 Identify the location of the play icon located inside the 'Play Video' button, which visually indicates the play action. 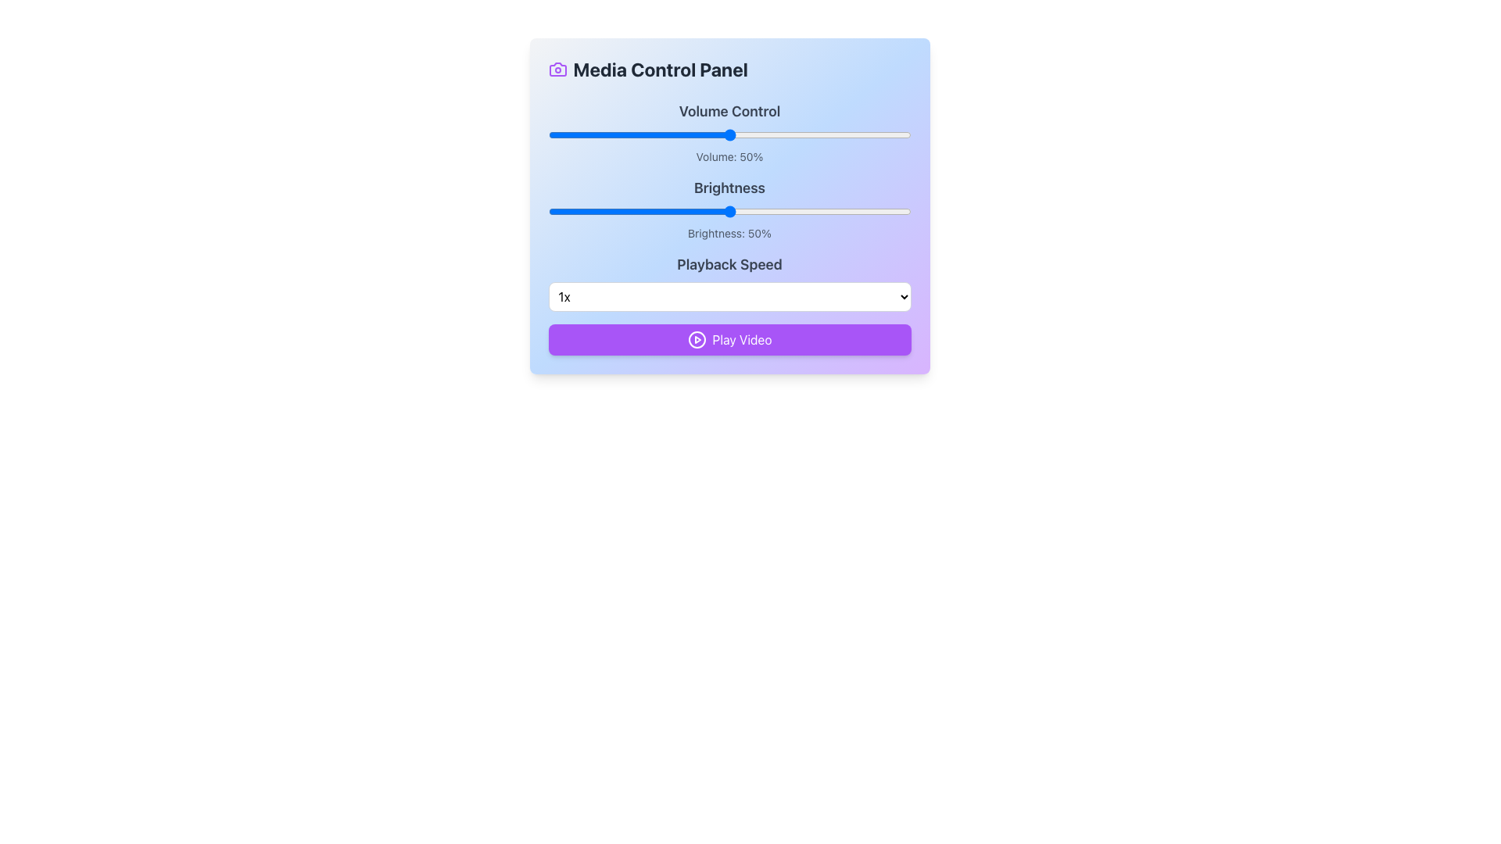
(696, 339).